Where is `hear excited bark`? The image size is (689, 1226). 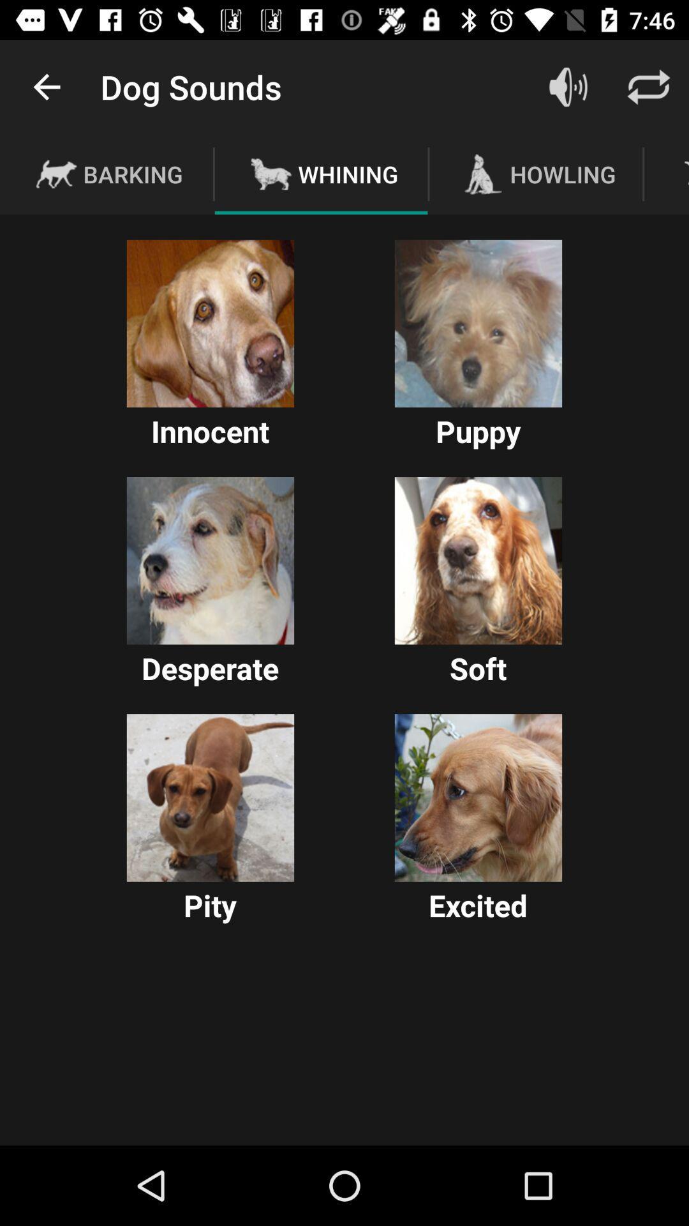 hear excited bark is located at coordinates (478, 797).